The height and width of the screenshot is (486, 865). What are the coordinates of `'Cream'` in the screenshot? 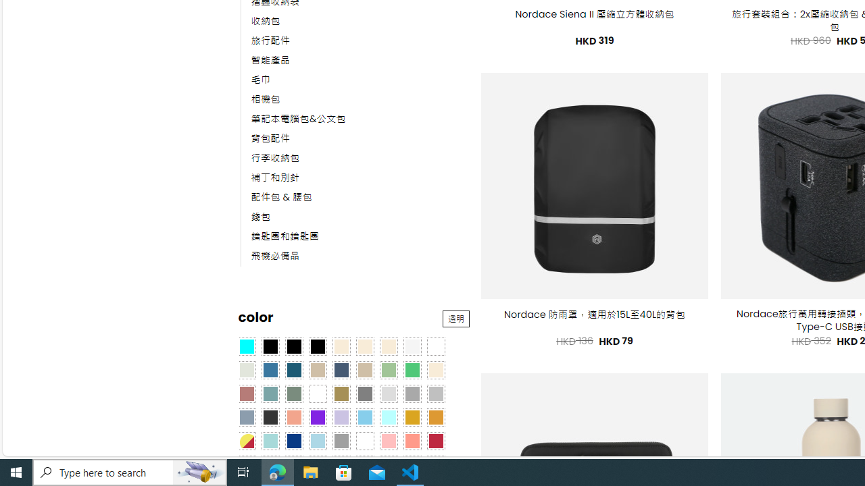 It's located at (387, 346).